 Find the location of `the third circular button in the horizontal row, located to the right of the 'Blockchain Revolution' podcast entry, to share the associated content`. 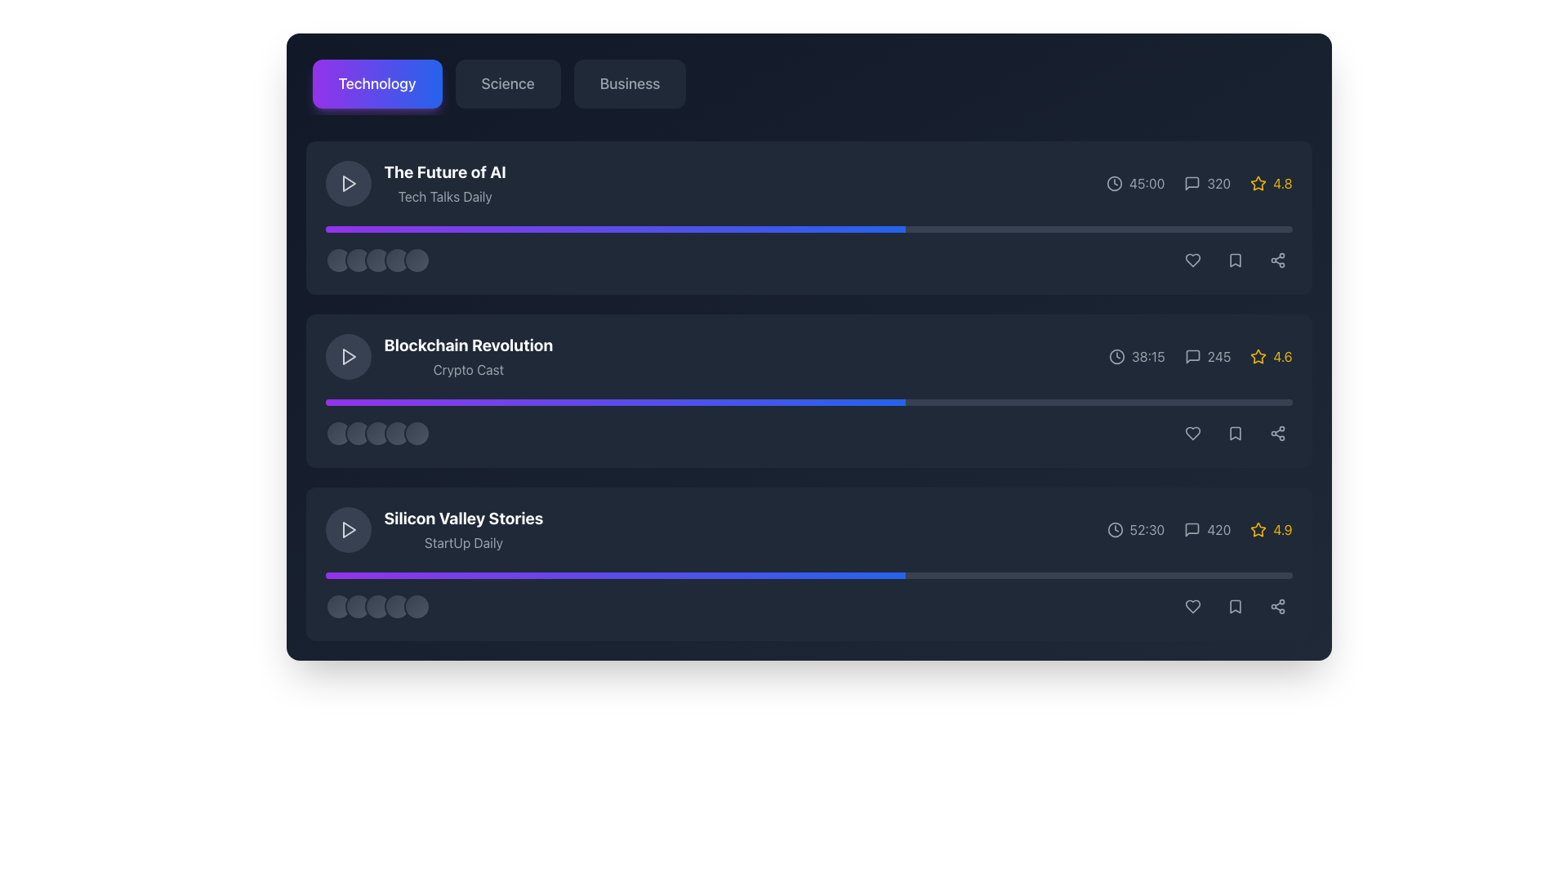

the third circular button in the horizontal row, located to the right of the 'Blockchain Revolution' podcast entry, to share the associated content is located at coordinates (1276, 433).